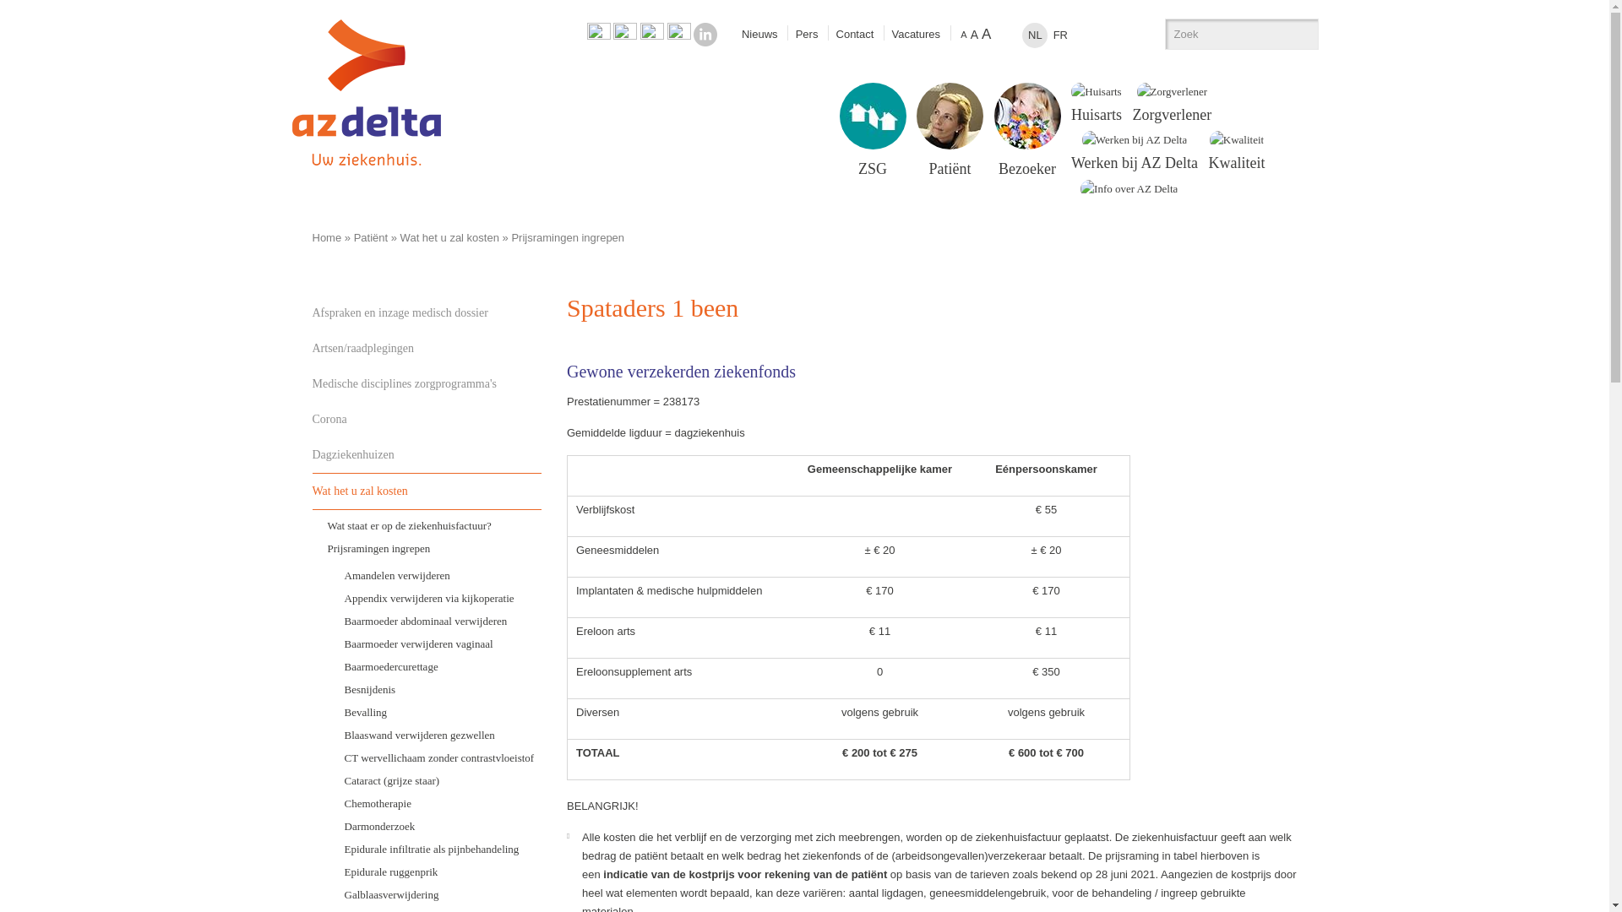  I want to click on 'CT wervellichaam zonder contrastvloeistof', so click(435, 757).